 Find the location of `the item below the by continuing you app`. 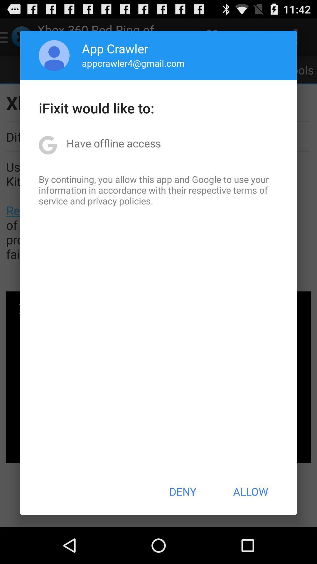

the item below the by continuing you app is located at coordinates (182, 491).